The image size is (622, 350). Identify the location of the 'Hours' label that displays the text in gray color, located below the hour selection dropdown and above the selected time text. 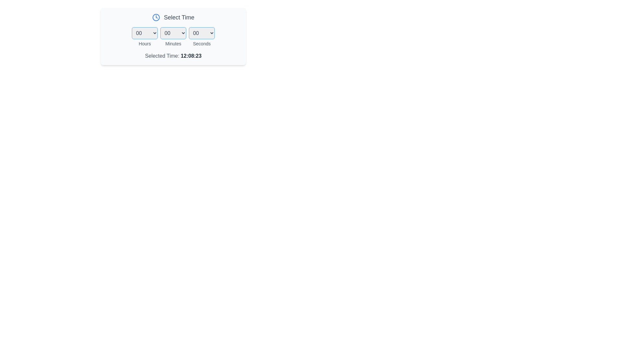
(144, 44).